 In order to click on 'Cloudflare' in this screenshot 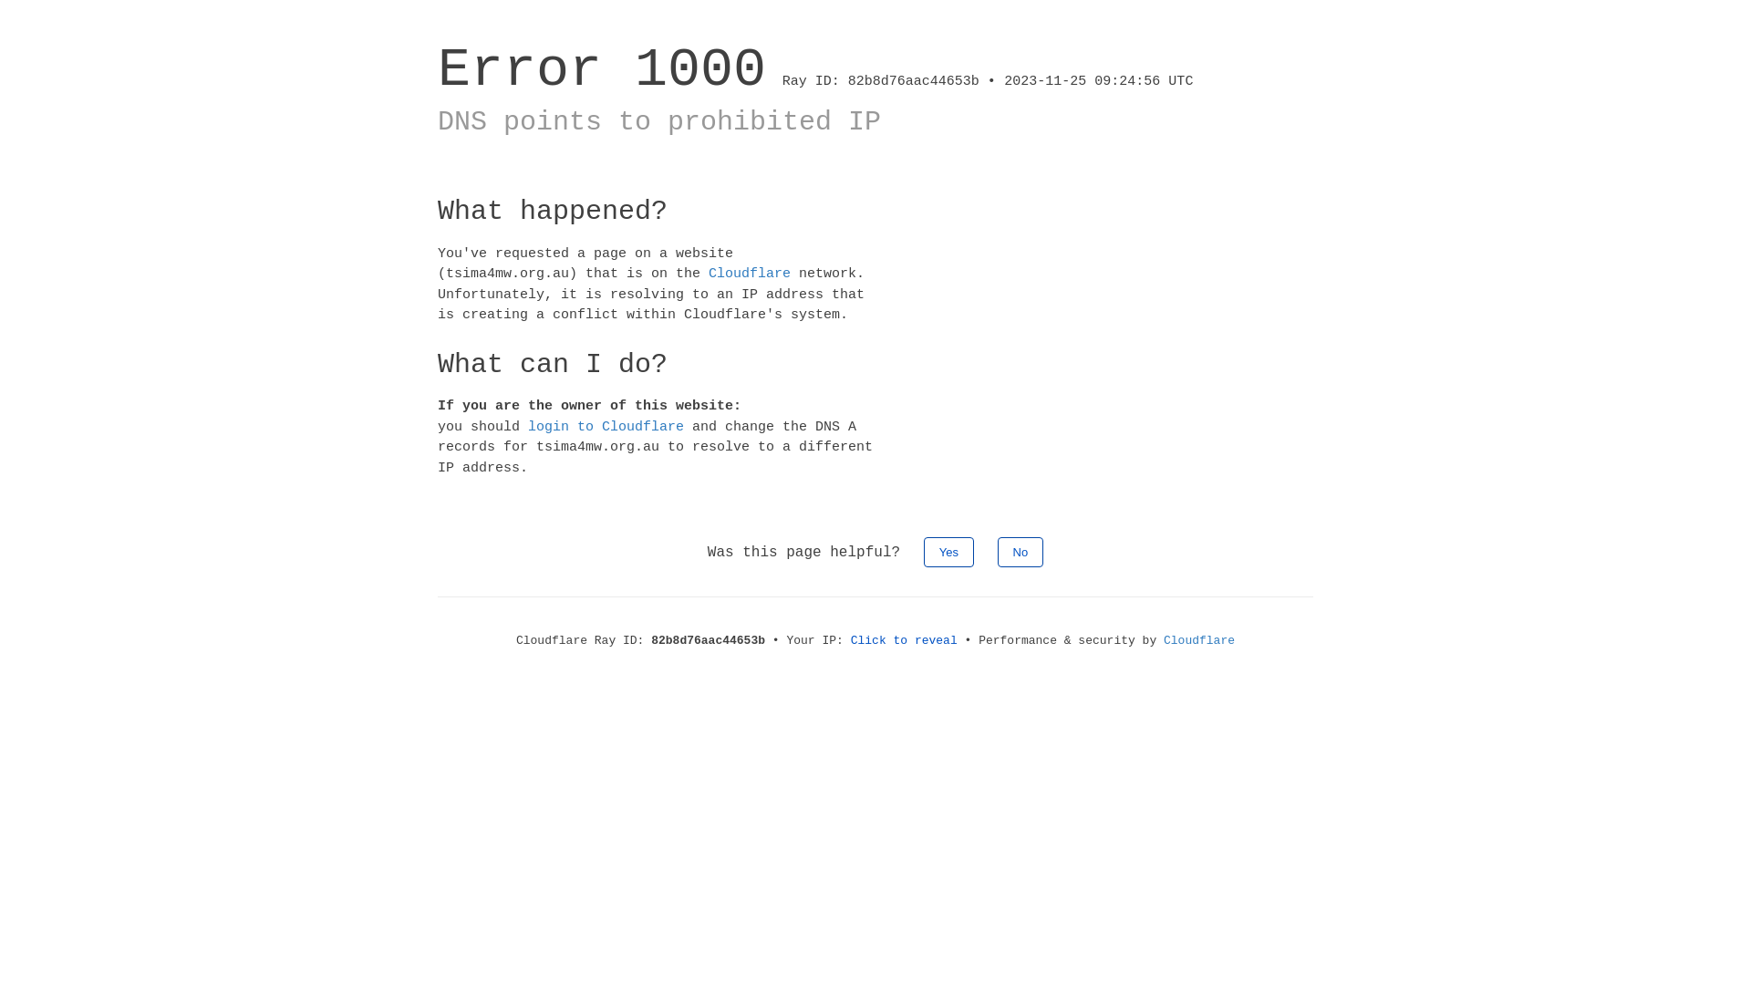, I will do `click(708, 274)`.